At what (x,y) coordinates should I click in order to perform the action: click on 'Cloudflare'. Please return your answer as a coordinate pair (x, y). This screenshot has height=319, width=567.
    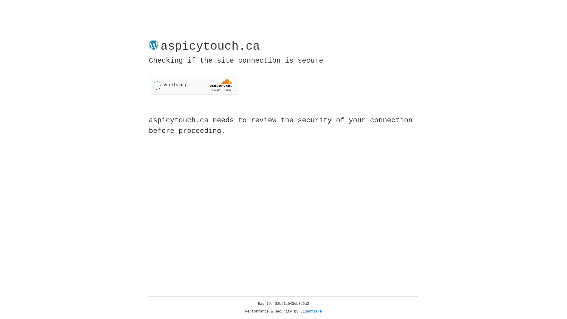
    Looking at the image, I should click on (311, 311).